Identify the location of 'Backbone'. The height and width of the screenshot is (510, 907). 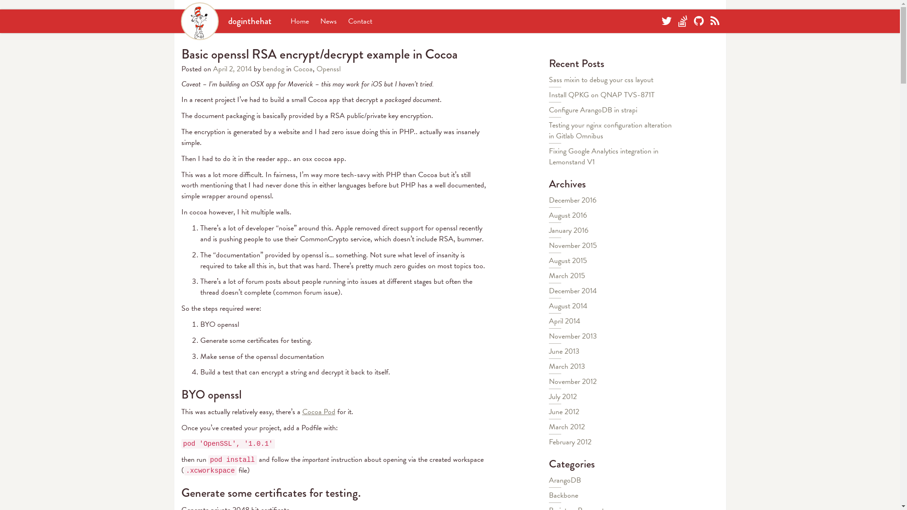
(564, 495).